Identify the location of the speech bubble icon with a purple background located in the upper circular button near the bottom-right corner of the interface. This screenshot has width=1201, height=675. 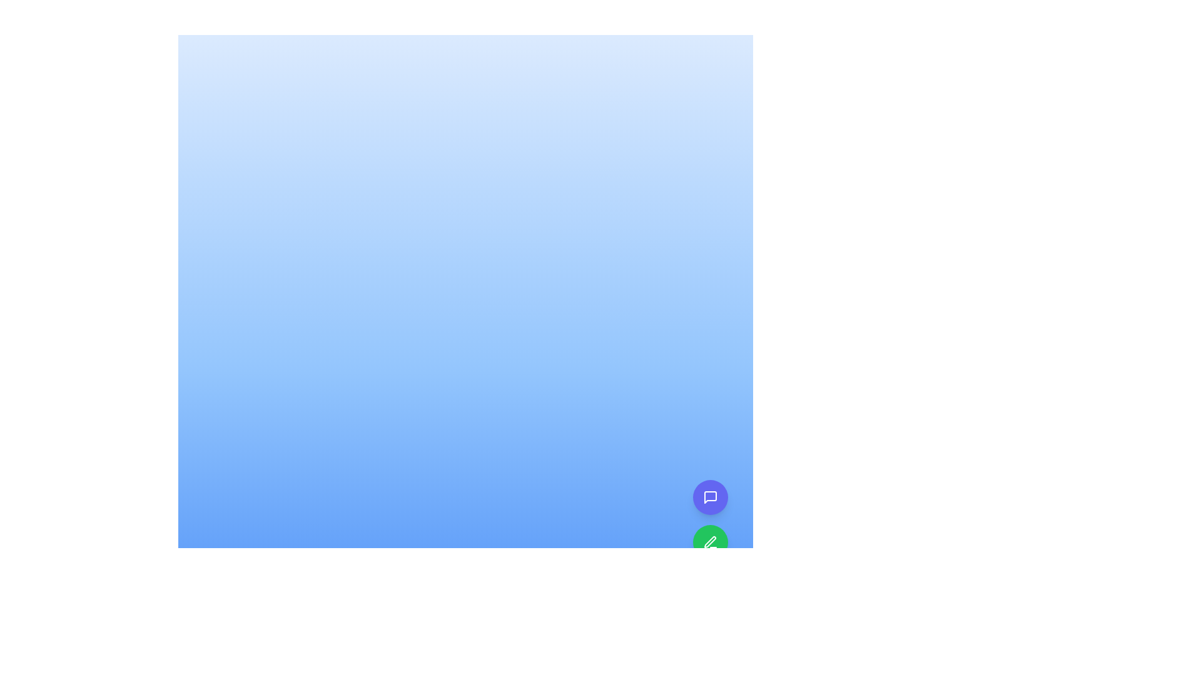
(711, 496).